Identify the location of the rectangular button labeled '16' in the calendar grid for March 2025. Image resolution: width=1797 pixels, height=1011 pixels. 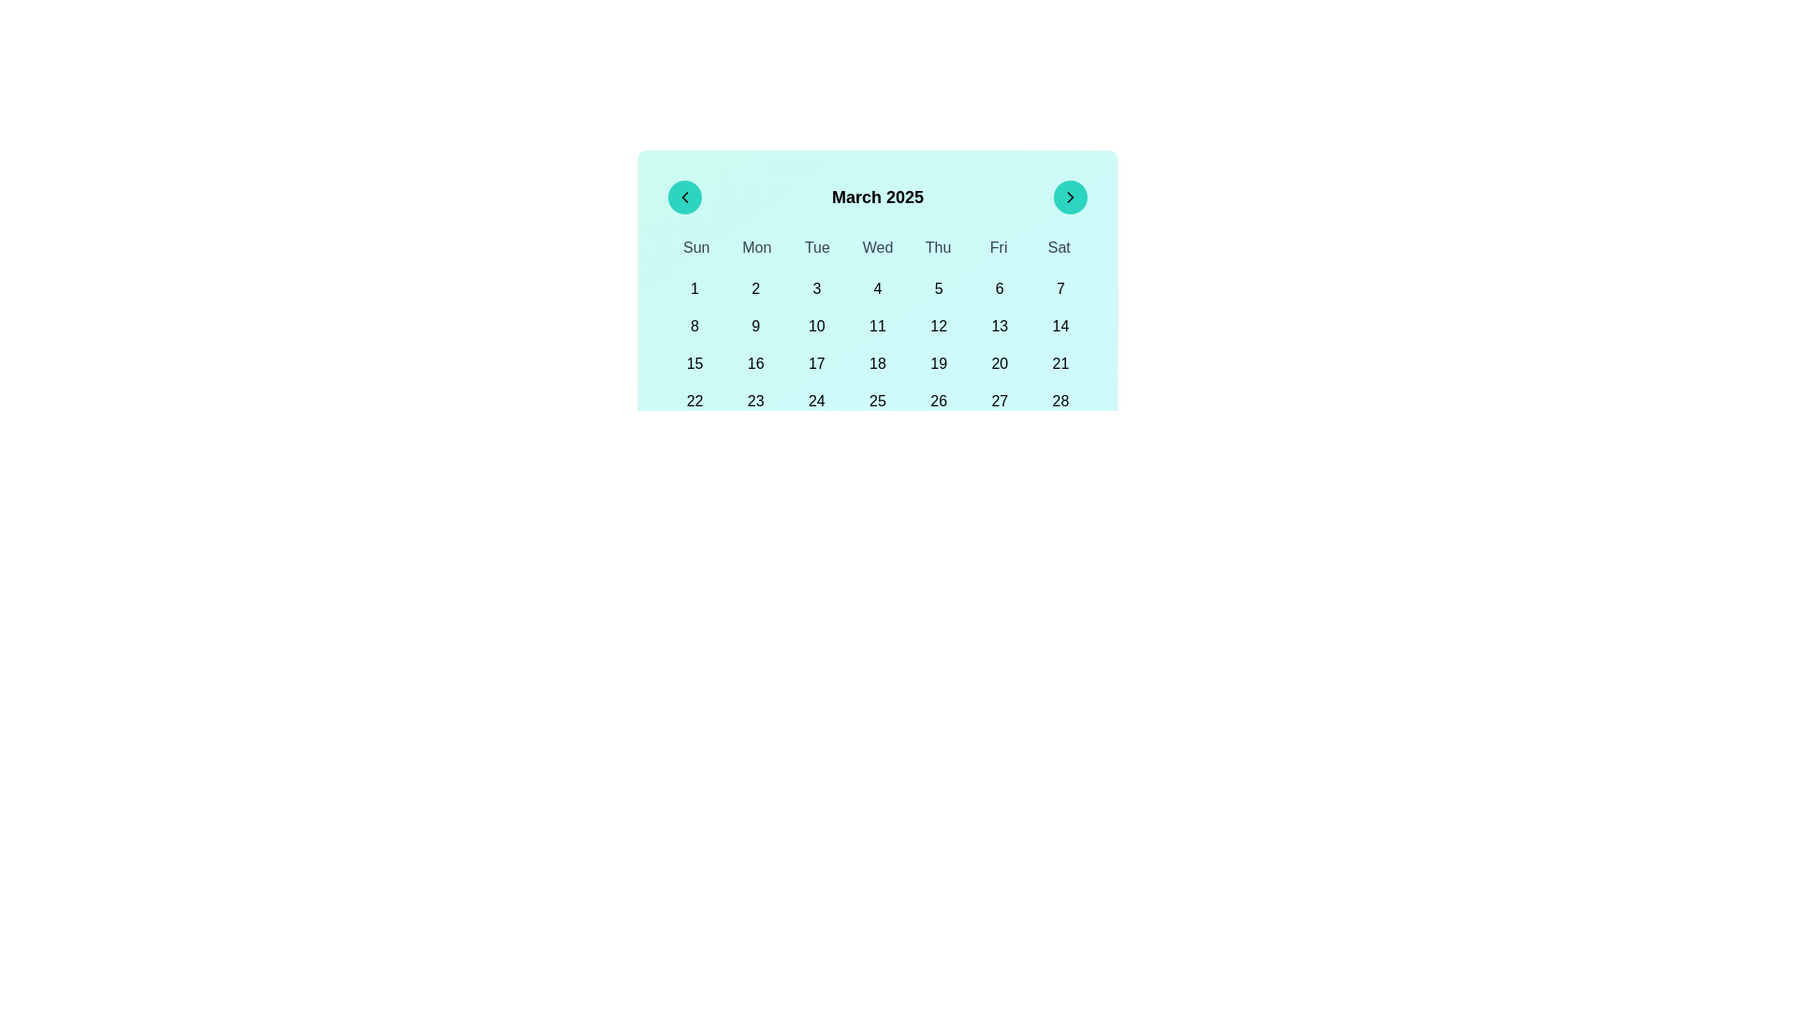
(755, 364).